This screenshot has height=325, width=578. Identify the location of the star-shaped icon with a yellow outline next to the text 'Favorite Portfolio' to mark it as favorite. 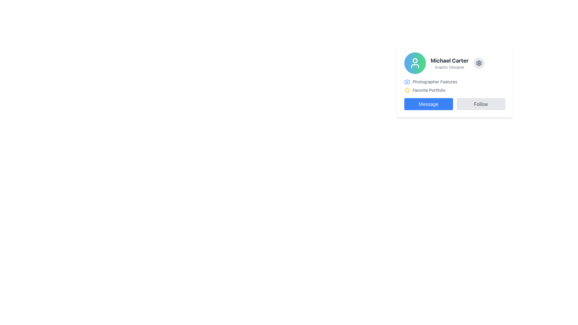
(407, 90).